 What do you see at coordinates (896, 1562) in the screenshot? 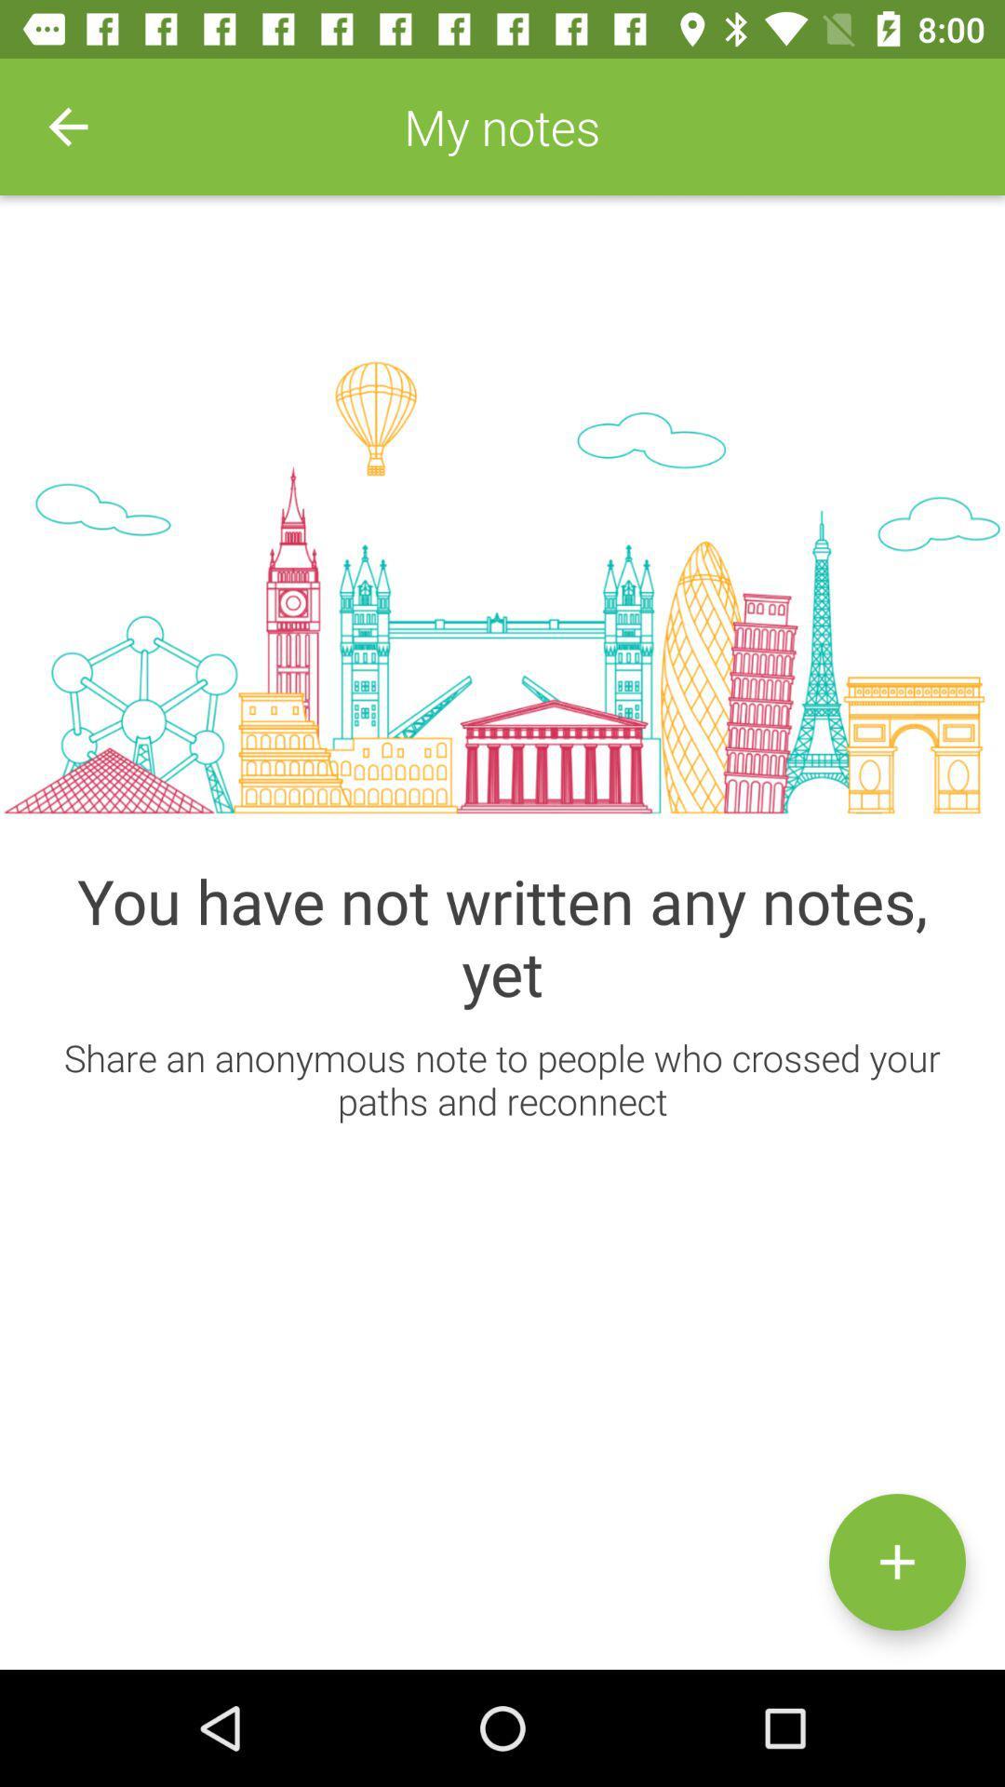
I see `start new note` at bounding box center [896, 1562].